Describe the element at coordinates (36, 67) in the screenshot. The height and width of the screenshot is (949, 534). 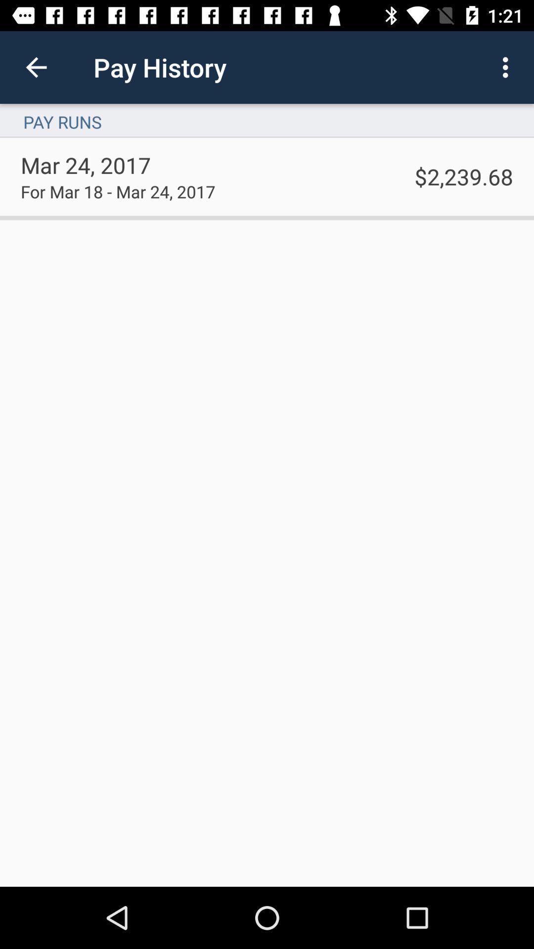
I see `item next to pay history item` at that location.